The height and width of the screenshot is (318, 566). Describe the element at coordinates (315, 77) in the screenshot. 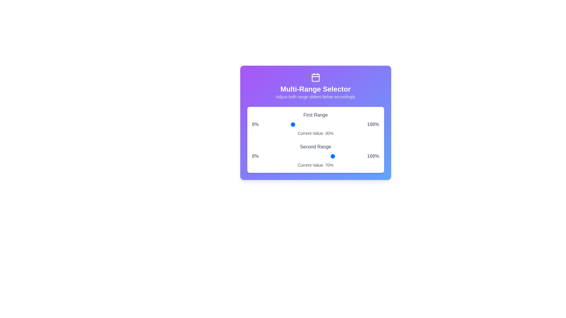

I see `the large inner rectangle of the calendar-like icon, which is part of the SVG component styled in purple and white` at that location.